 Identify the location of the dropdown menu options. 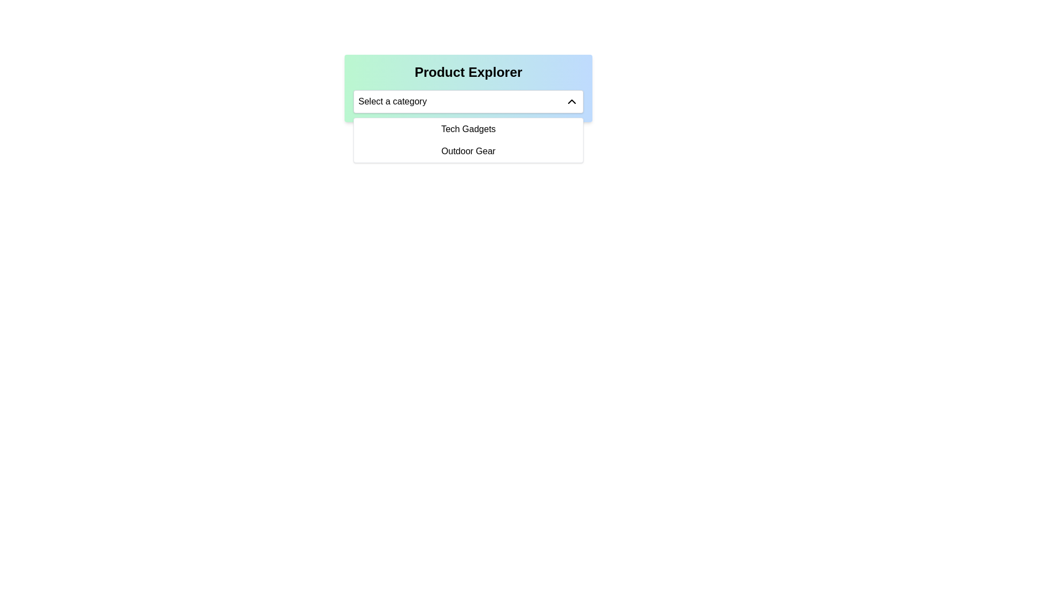
(468, 140).